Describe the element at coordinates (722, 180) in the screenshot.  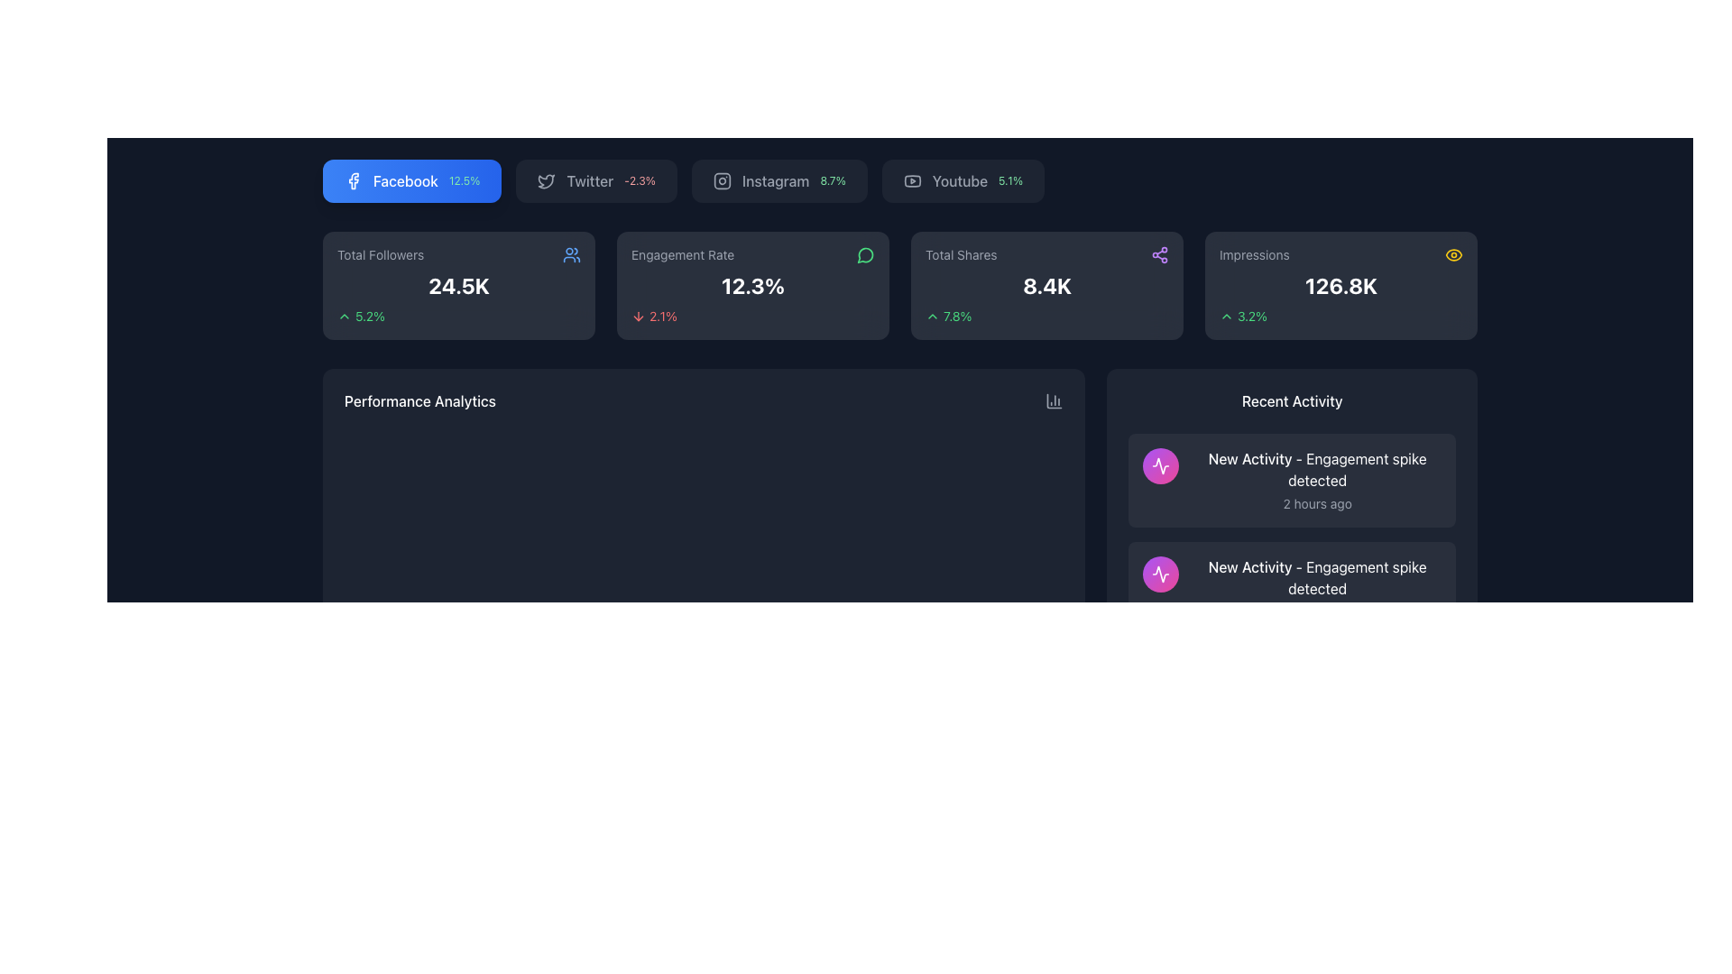
I see `the Instagram icon, which resembles a circular camera design with a small dot, located within the social media options` at that location.